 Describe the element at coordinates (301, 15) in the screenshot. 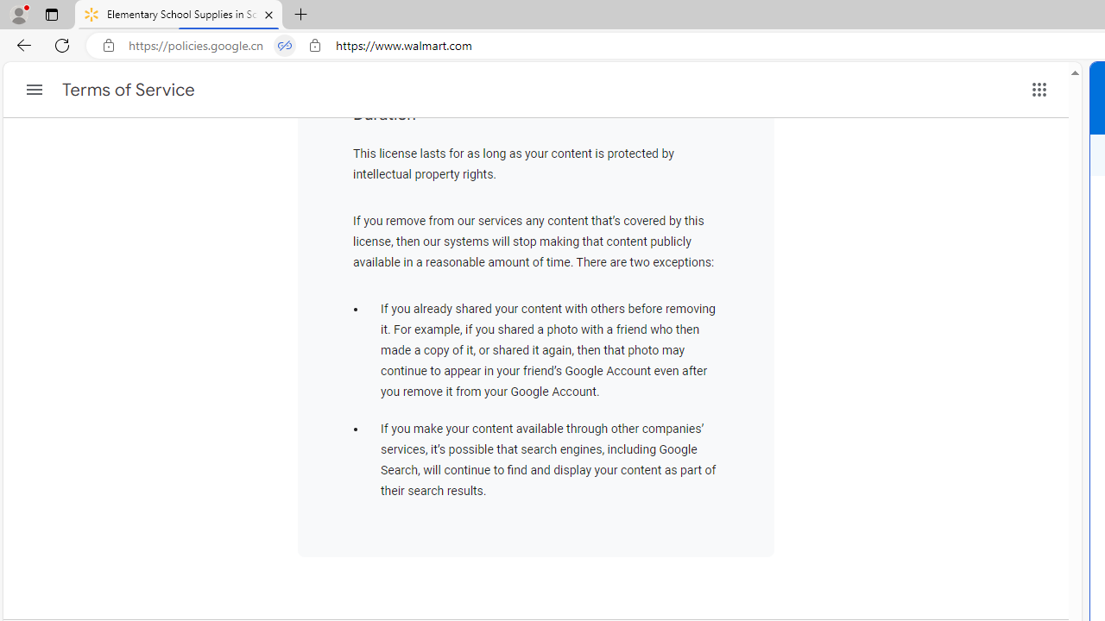

I see `'New Tab'` at that location.